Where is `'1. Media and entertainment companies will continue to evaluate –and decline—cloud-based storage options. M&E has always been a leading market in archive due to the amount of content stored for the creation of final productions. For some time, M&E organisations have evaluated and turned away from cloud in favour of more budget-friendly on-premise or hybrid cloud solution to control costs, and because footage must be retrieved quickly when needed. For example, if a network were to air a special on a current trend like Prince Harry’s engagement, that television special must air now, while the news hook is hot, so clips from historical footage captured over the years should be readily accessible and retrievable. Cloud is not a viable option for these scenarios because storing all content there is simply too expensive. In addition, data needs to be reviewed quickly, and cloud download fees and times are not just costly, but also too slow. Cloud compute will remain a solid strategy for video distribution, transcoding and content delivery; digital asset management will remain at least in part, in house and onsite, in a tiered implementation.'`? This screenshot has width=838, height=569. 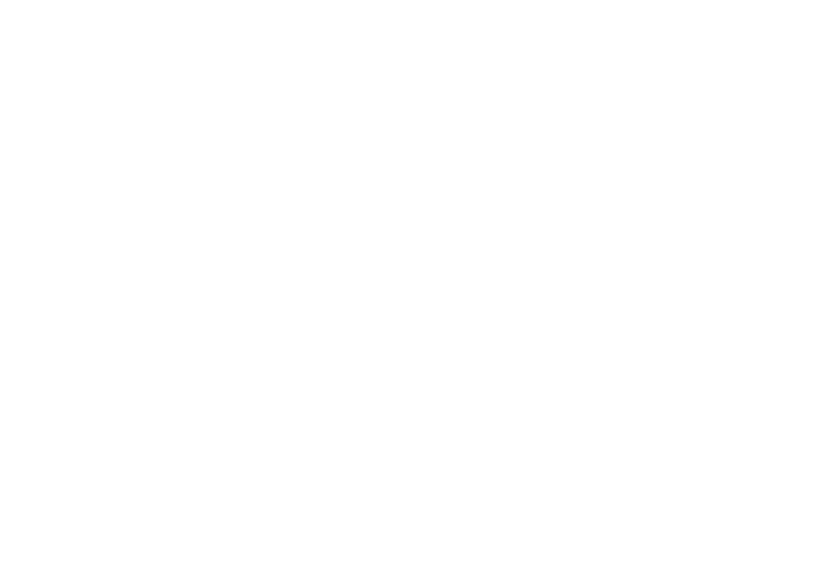
'1. Media and entertainment companies will continue to evaluate –and decline—cloud-based storage options. M&E has always been a leading market in archive due to the amount of content stored for the creation of final productions. For some time, M&E organisations have evaluated and turned away from cloud in favour of more budget-friendly on-premise or hybrid cloud solution to control costs, and because footage must be retrieved quickly when needed. For example, if a network were to air a special on a current trend like Prince Harry’s engagement, that television special must air now, while the news hook is hot, so clips from historical footage captured over the years should be readily accessible and retrievable. Cloud is not a viable option for these scenarios because storing all content there is simply too expensive. In addition, data needs to be reviewed quickly, and cloud download fees and times are not just costly, but also too slow. Cloud compute will remain a solid strategy for video distribution, transcoding and content delivery; digital asset management will remain at least in part, in house and onsite, in a tiered implementation.' is located at coordinates (111, 323).